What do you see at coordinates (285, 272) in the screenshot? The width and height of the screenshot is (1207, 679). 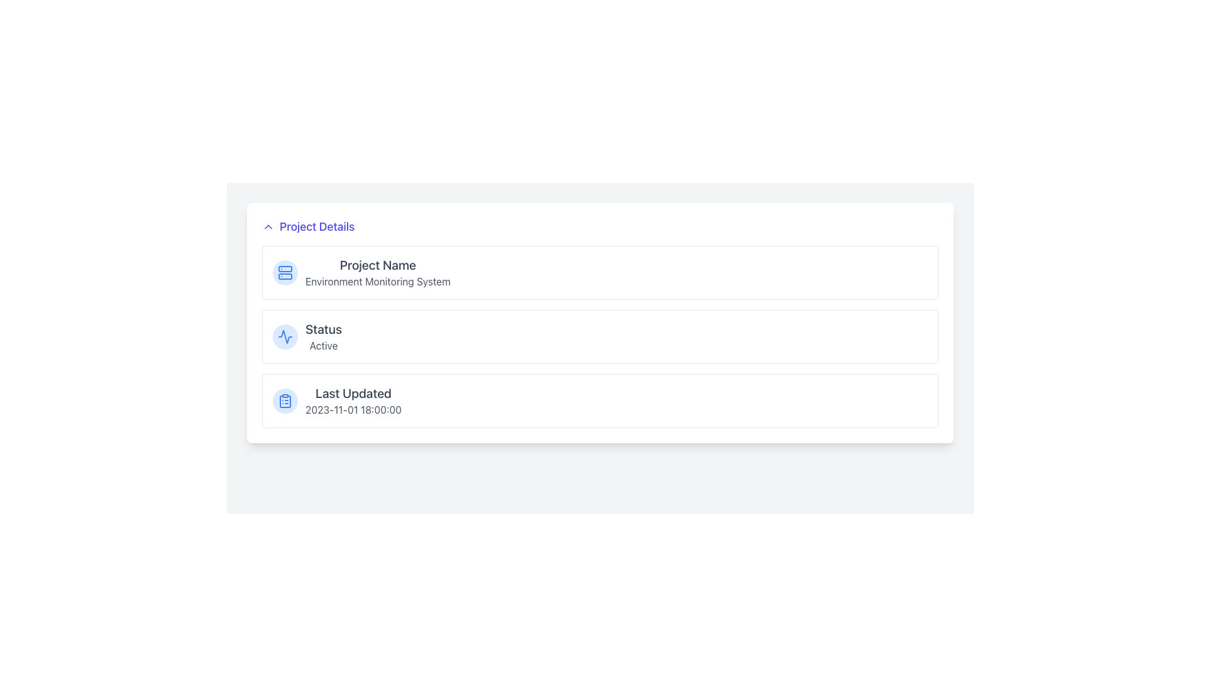 I see `the icon representing the 'Project Name' section located on the far left inside the first section under the 'Project Details' heading` at bounding box center [285, 272].